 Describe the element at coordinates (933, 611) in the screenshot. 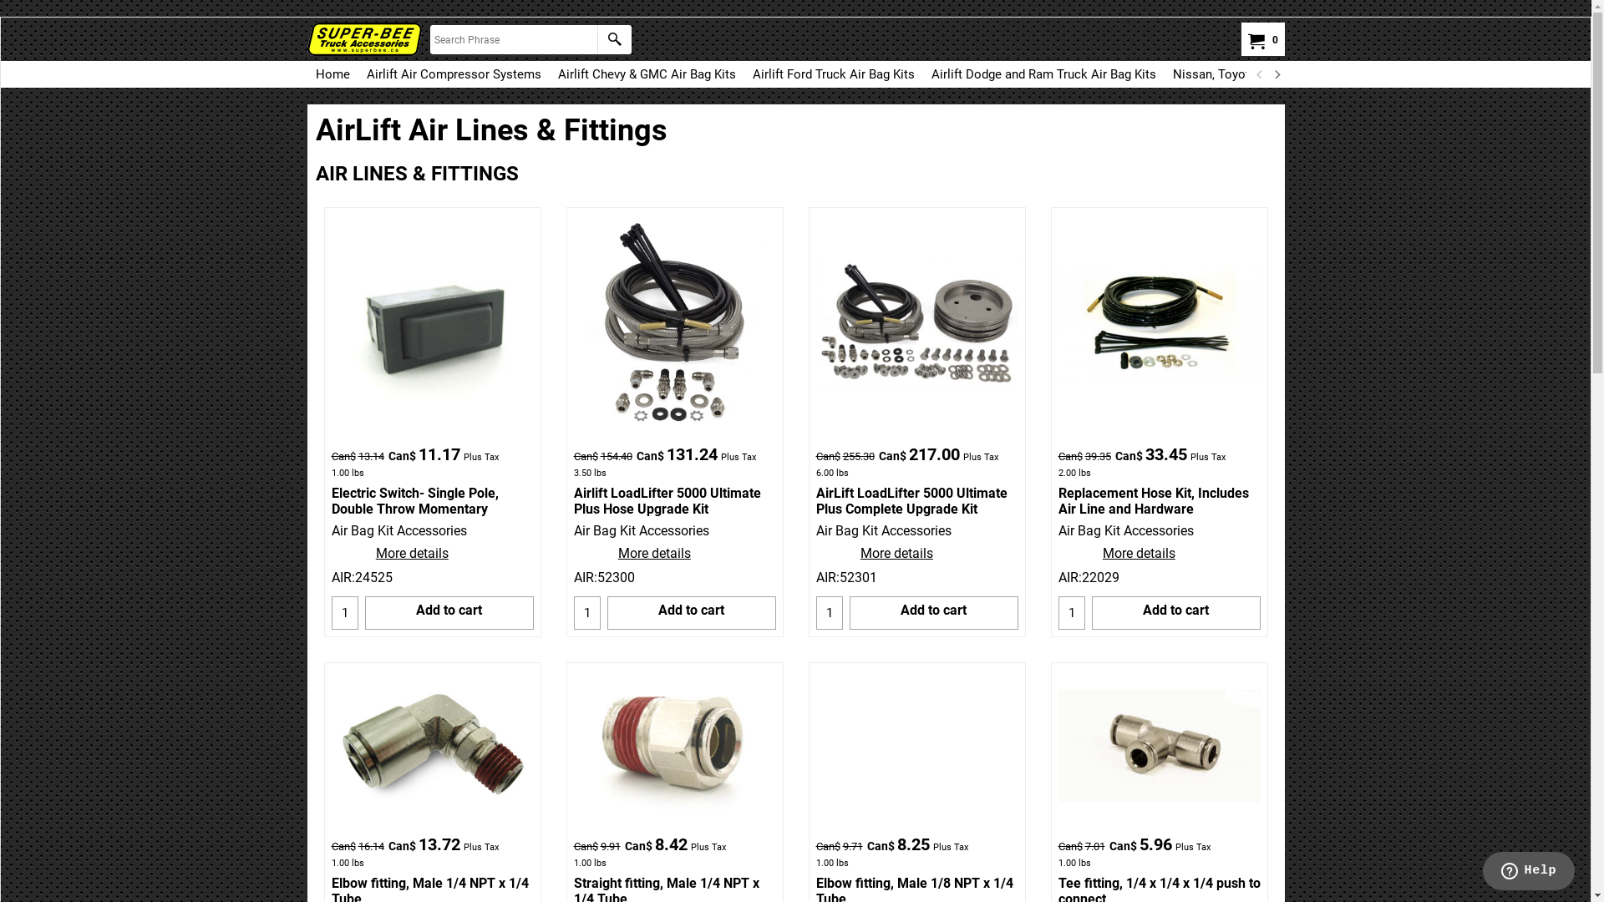

I see `'Add to cart'` at that location.